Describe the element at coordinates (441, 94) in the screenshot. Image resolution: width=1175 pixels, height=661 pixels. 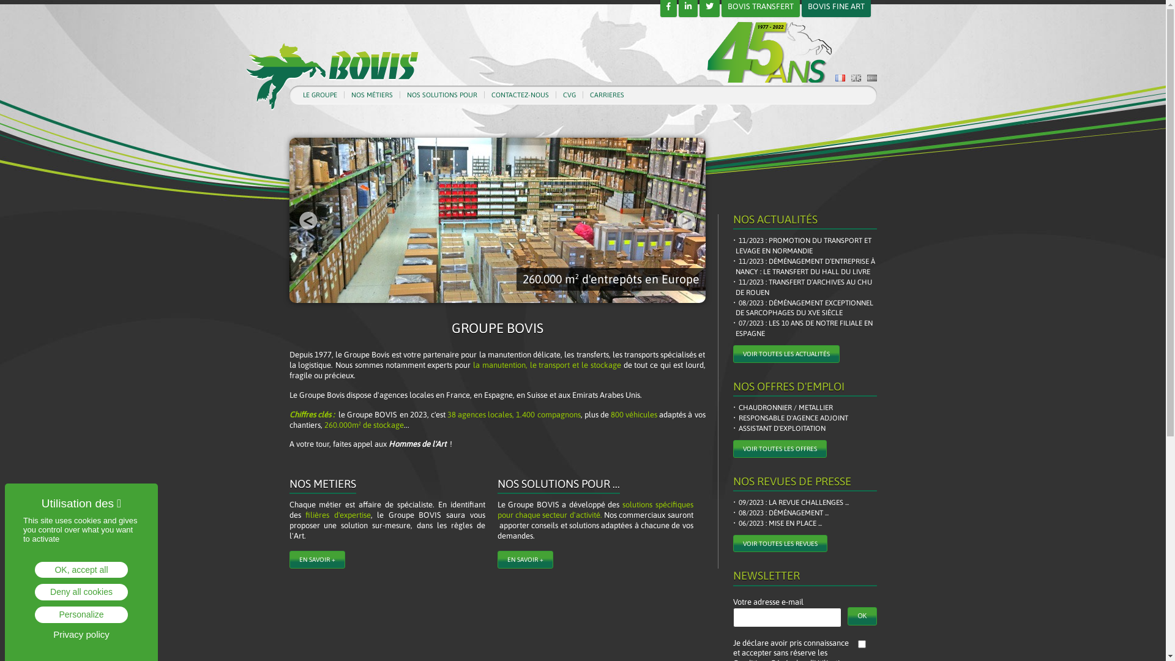
I see `'NOS SOLUTIONS POUR'` at that location.